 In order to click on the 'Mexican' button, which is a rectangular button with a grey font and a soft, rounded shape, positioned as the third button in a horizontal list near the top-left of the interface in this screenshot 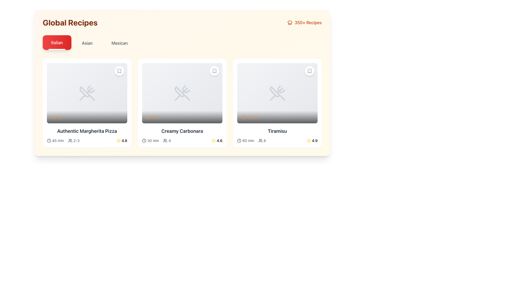, I will do `click(119, 43)`.